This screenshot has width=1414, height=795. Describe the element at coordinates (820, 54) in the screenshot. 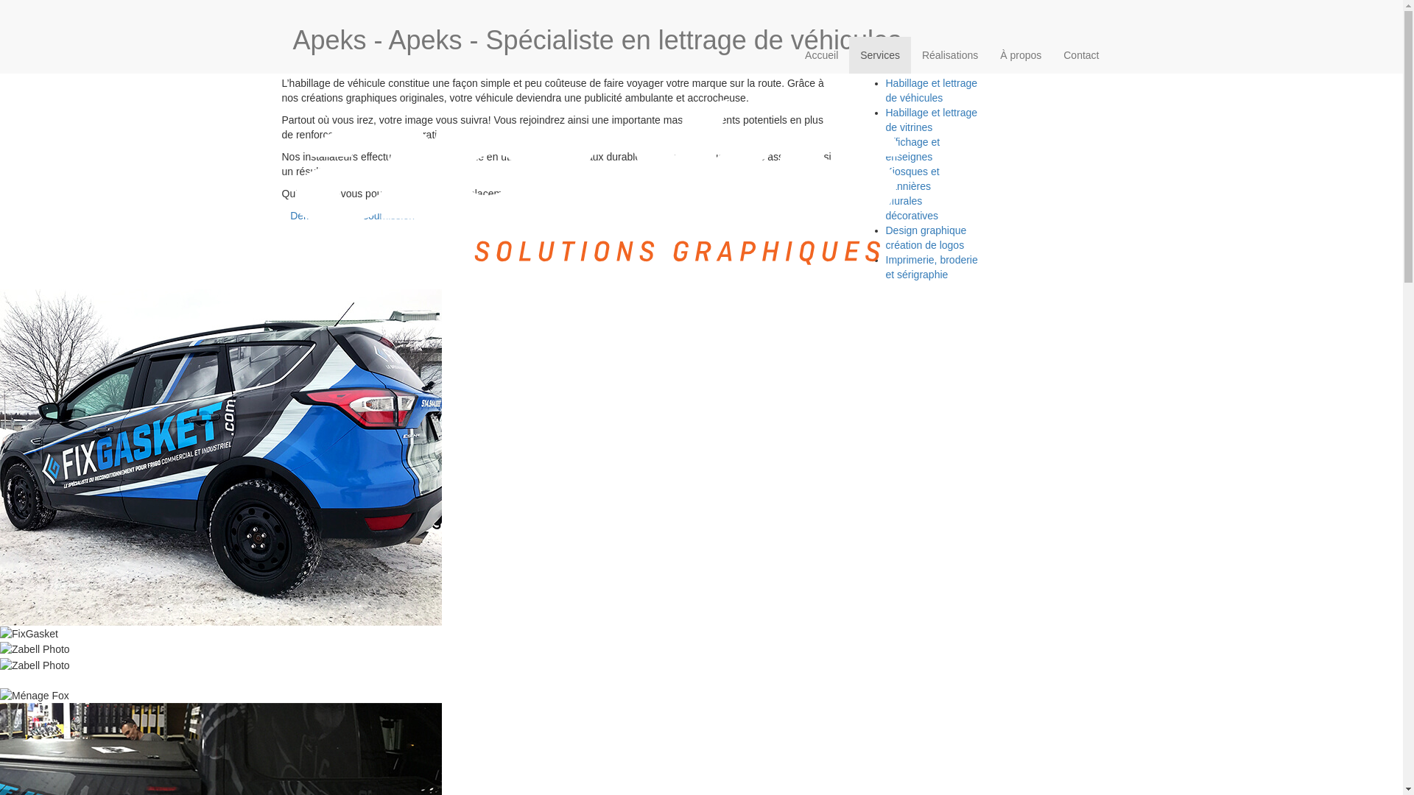

I see `'Accueil'` at that location.